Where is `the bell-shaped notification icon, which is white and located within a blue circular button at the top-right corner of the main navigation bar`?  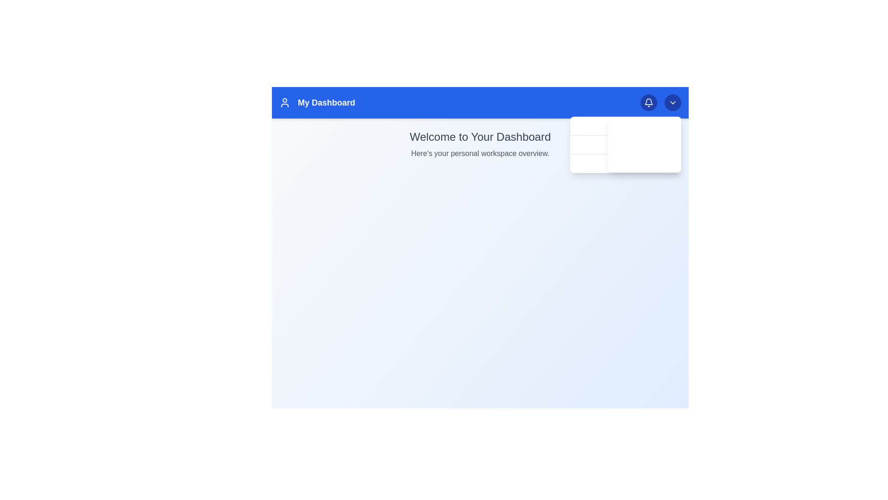
the bell-shaped notification icon, which is white and located within a blue circular button at the top-right corner of the main navigation bar is located at coordinates (648, 103).